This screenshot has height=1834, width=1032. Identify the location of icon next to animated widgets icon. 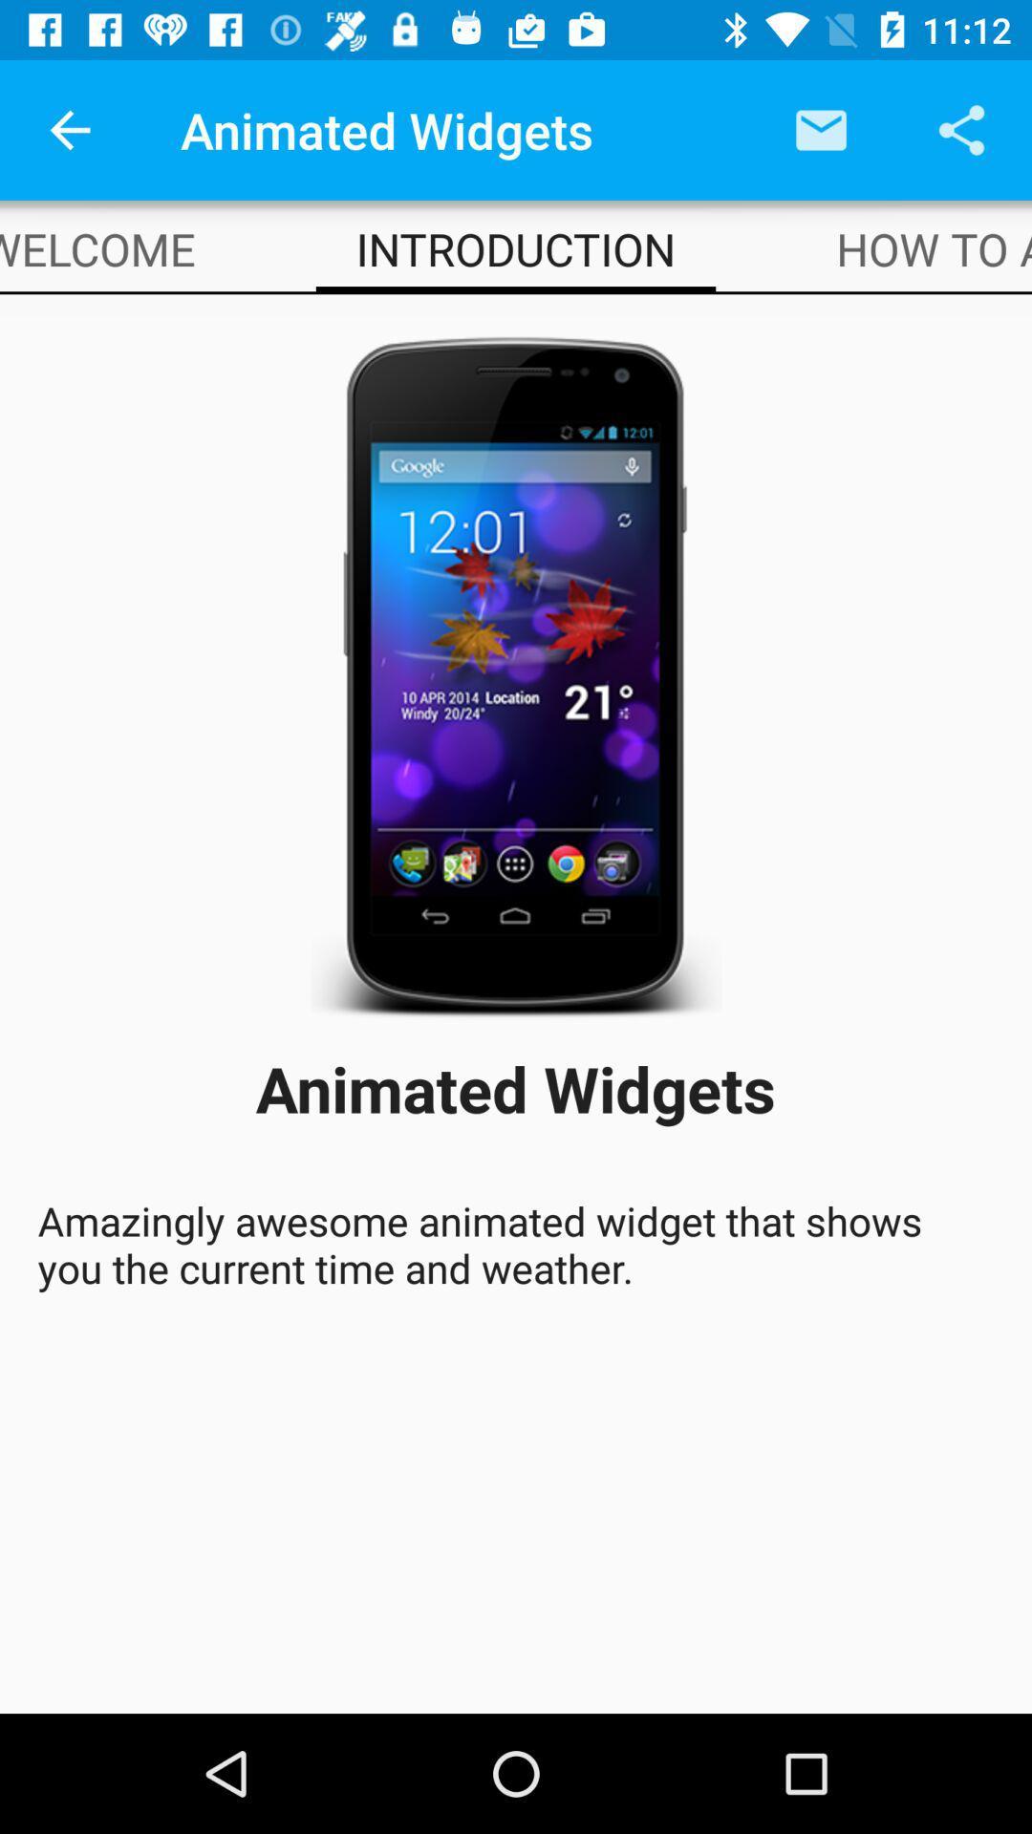
(69, 129).